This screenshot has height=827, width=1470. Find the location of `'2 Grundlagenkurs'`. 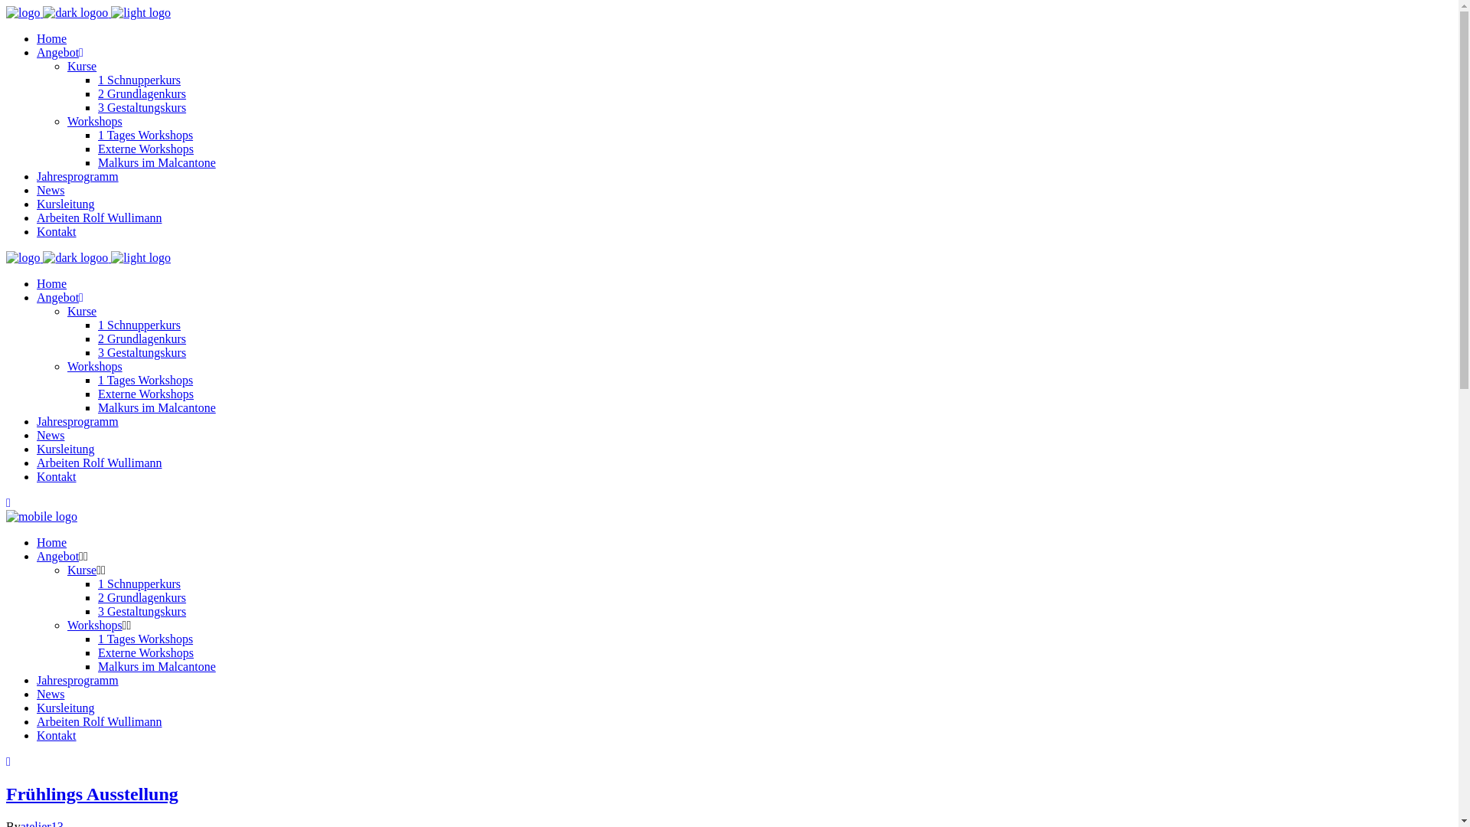

'2 Grundlagenkurs' is located at coordinates (142, 93).